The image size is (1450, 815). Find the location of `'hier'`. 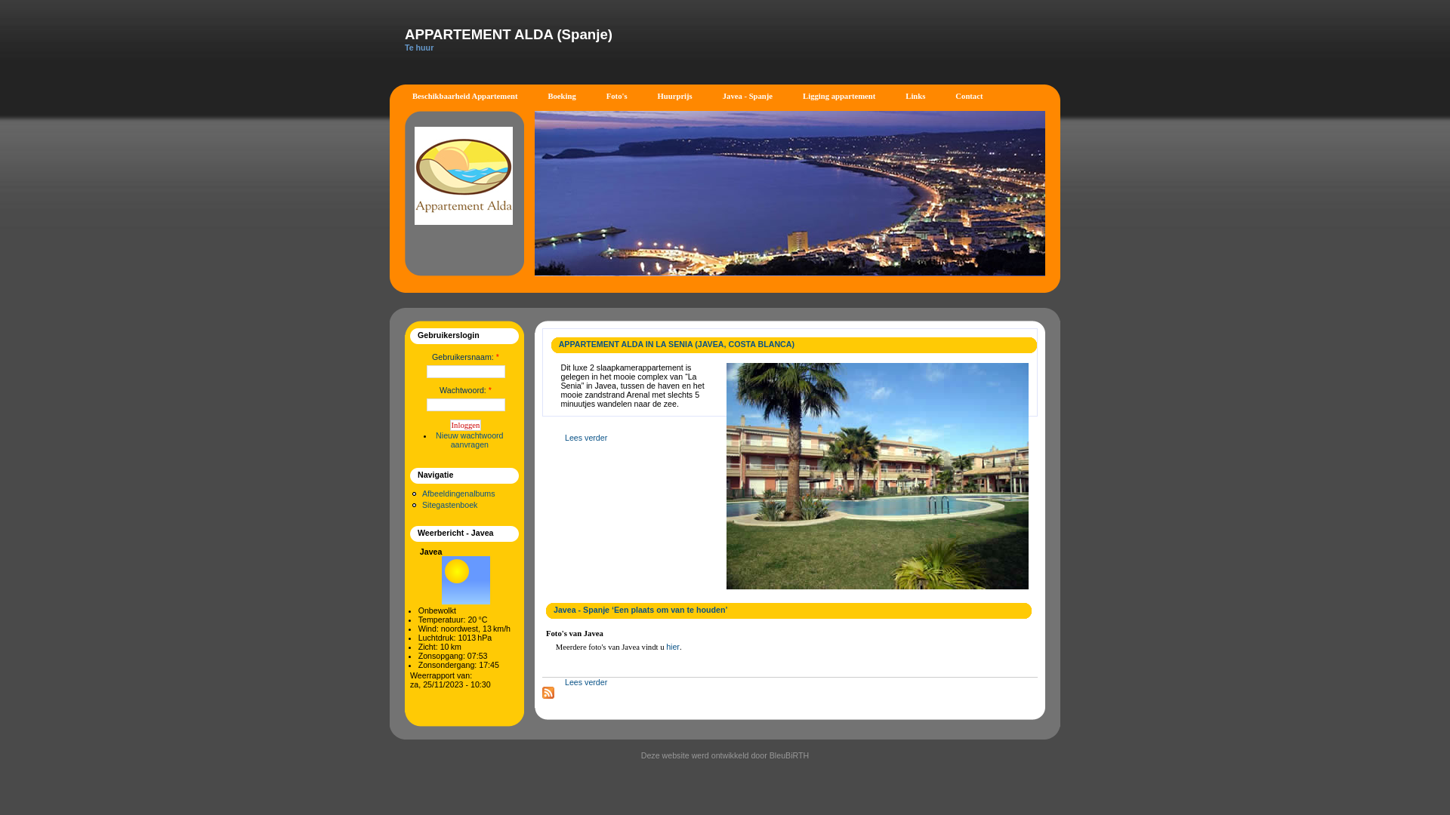

'hier' is located at coordinates (672, 645).